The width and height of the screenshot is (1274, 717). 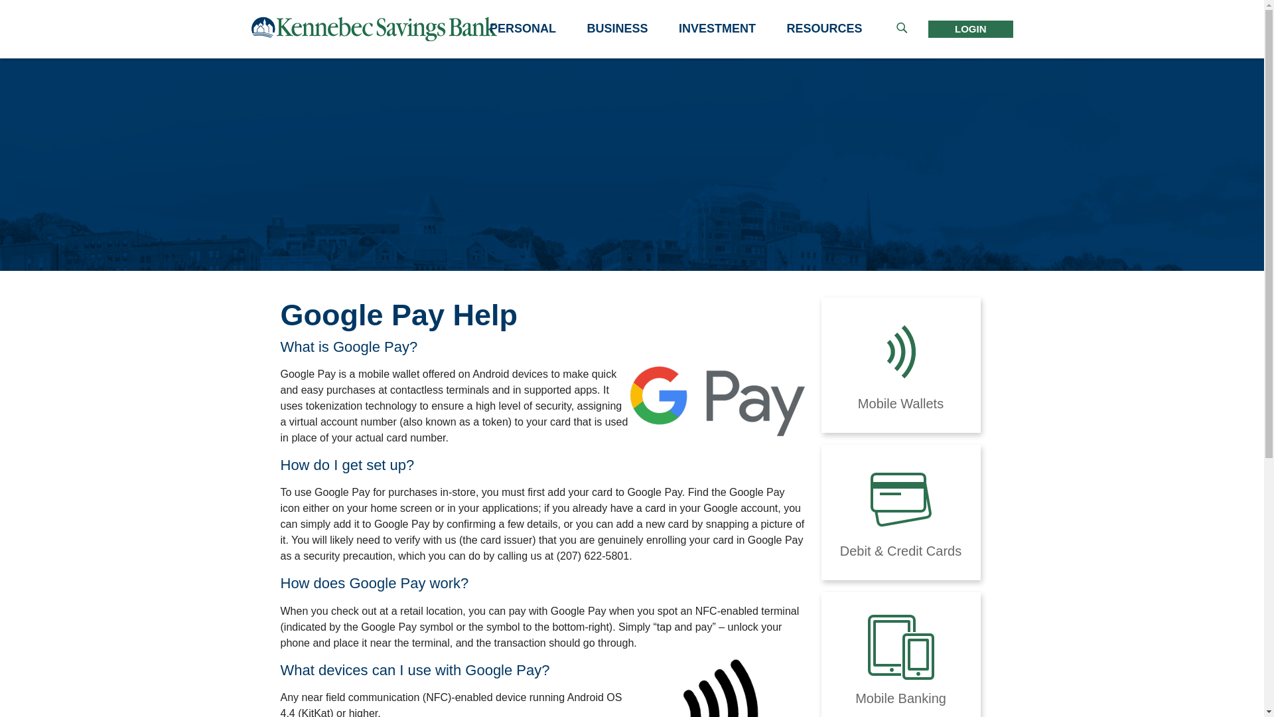 What do you see at coordinates (717, 400) in the screenshot?
I see `'Google Pay'` at bounding box center [717, 400].